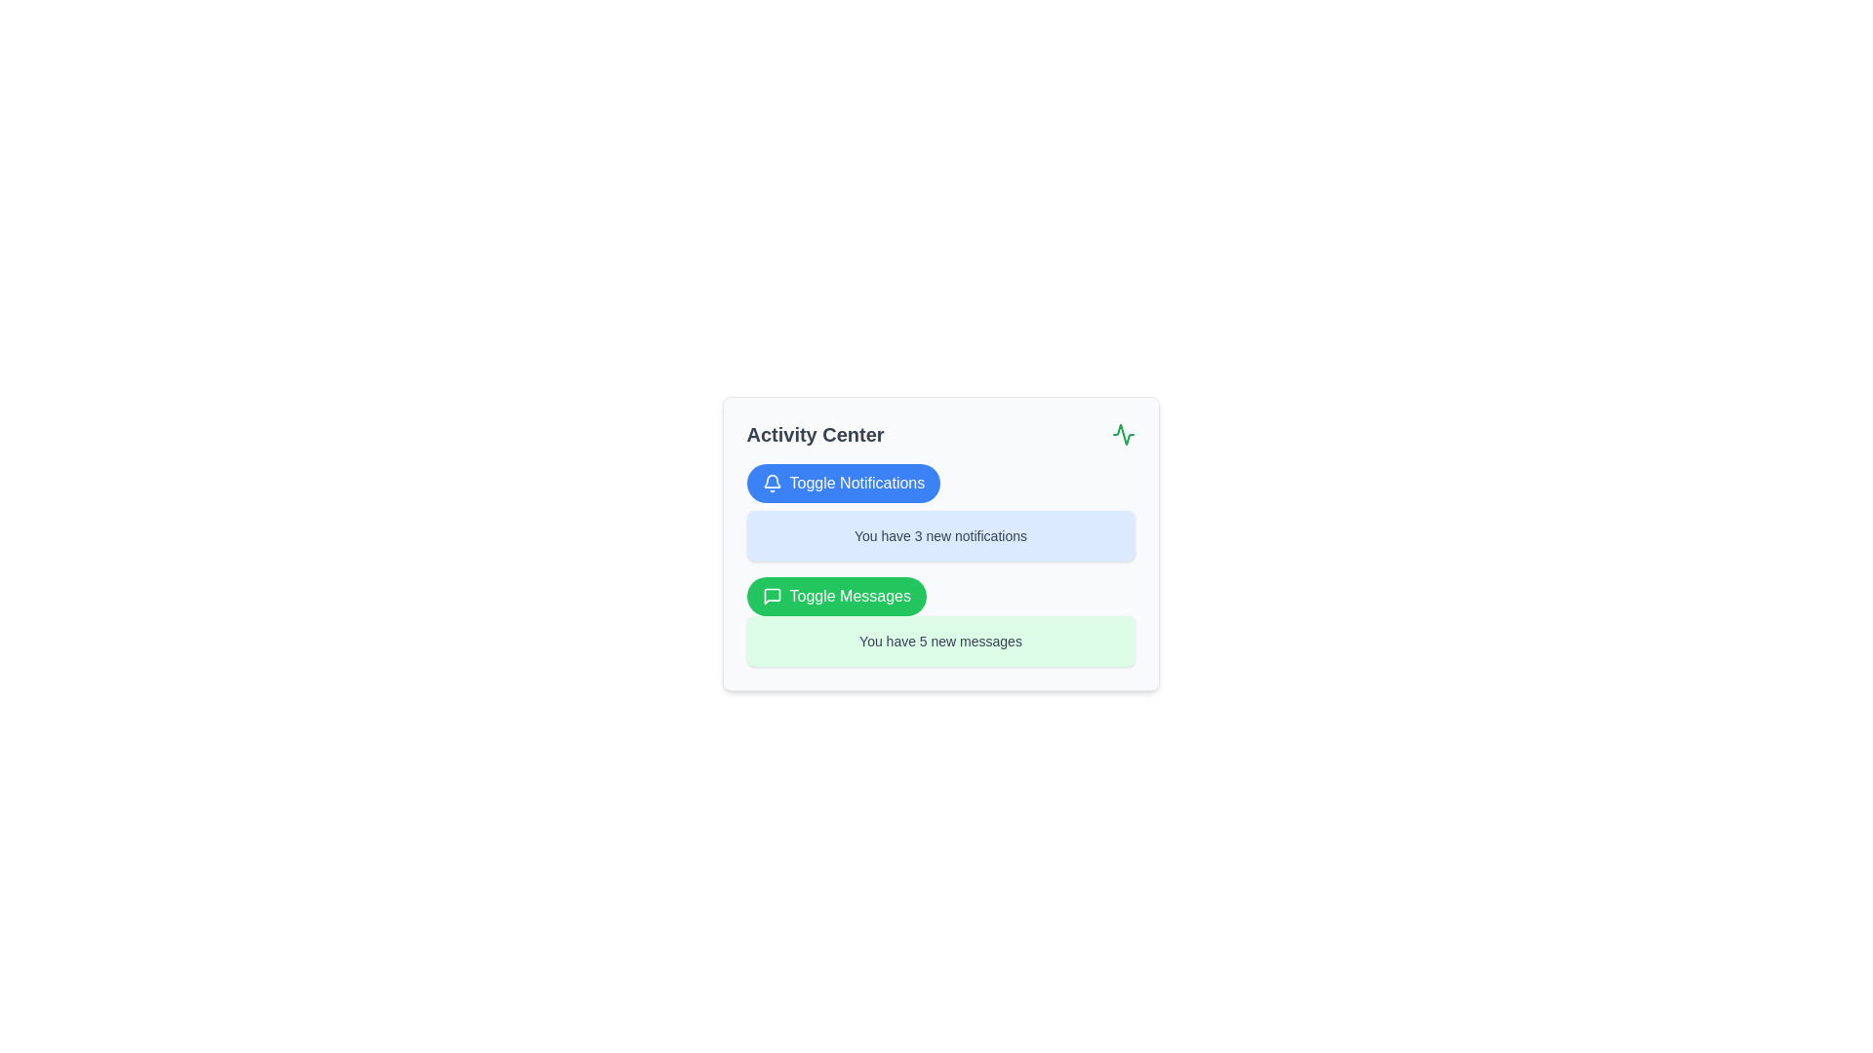 The height and width of the screenshot is (1053, 1873). Describe the element at coordinates (940, 642) in the screenshot. I see `text content of the notification box with a light green background that states 'You have 5 new messages', located below the 'Toggle Messages' button in the 'Activity Center'` at that location.